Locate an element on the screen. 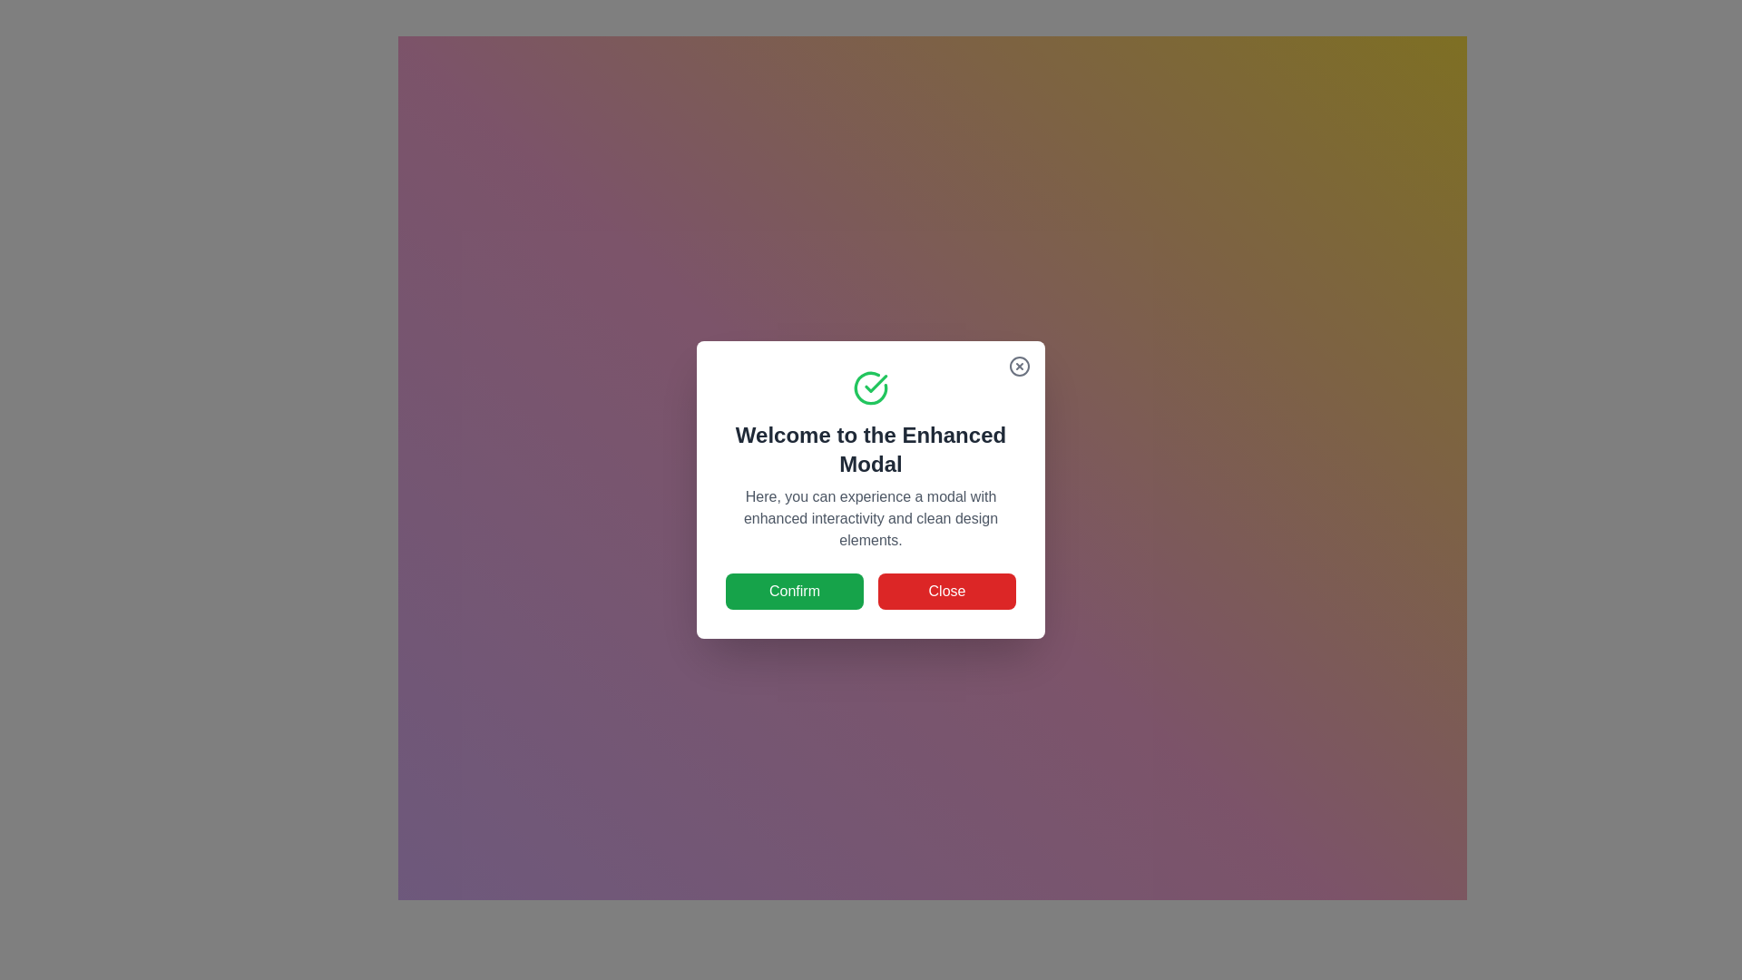 This screenshot has width=1742, height=980. the green 'Confirm' button with rounded corners that is located within a modal box, positioned to the left of a red 'Close' button is located at coordinates (794, 591).